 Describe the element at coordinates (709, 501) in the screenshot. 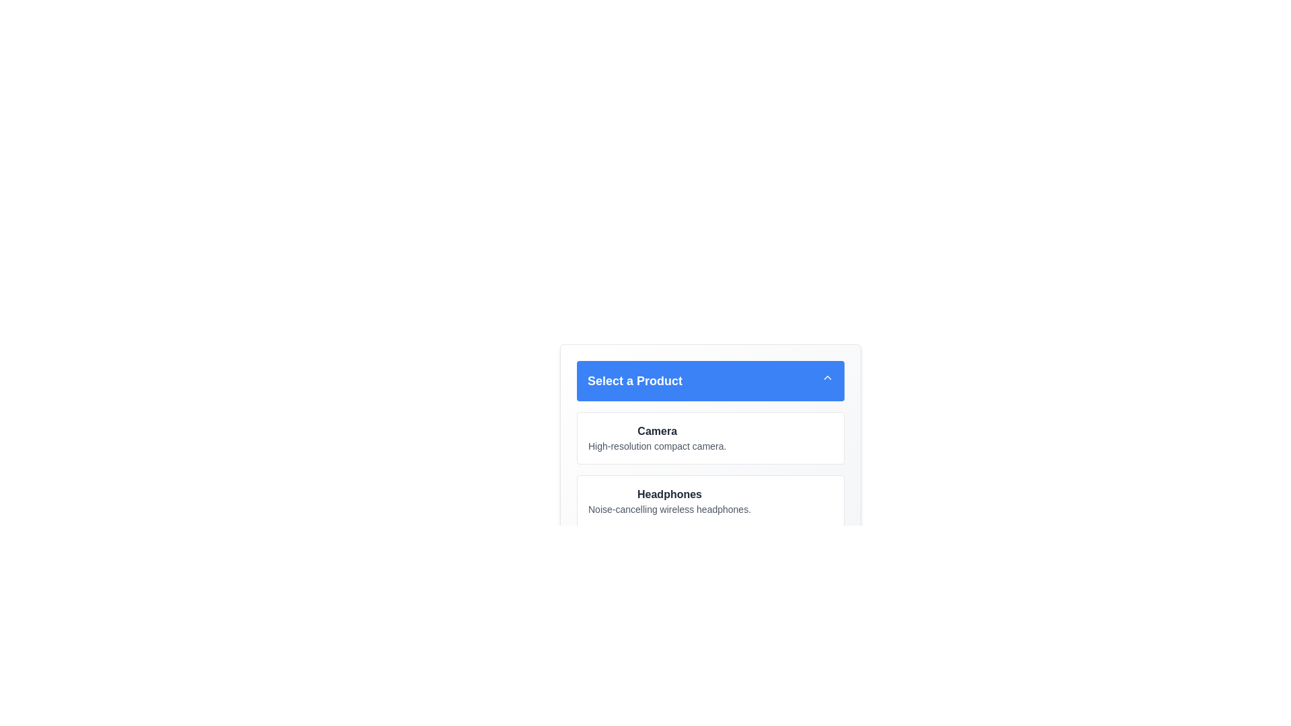

I see `the List Item containing 'Headphones' with a description of 'Noise-cancelling wireless headphones'` at that location.